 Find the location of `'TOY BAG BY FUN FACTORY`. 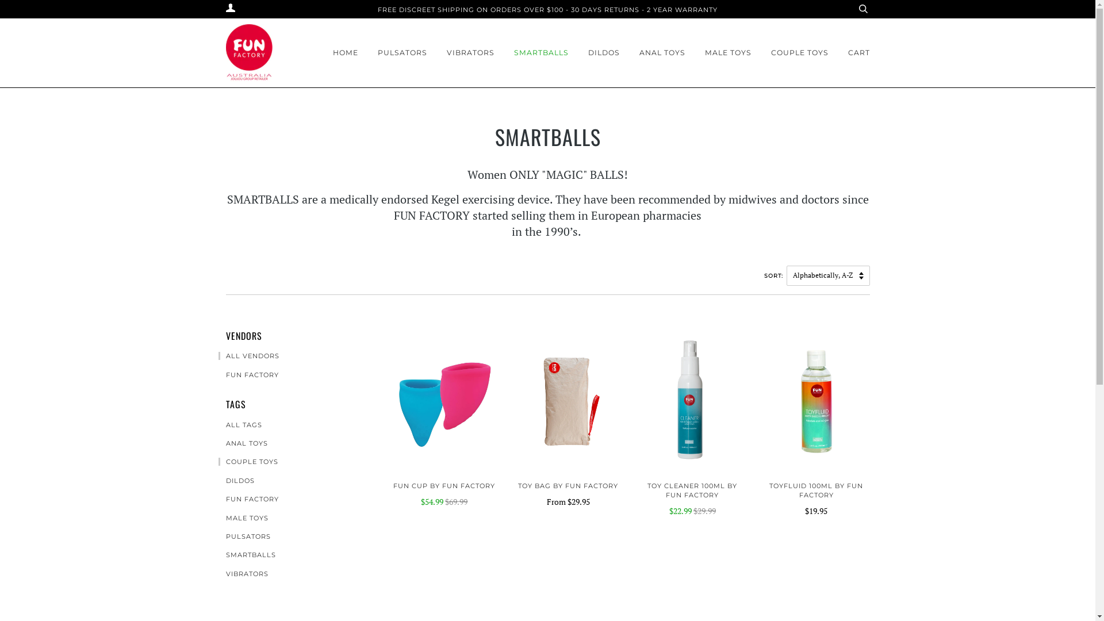

'TOY BAG BY FUN FACTORY is located at coordinates (568, 494).